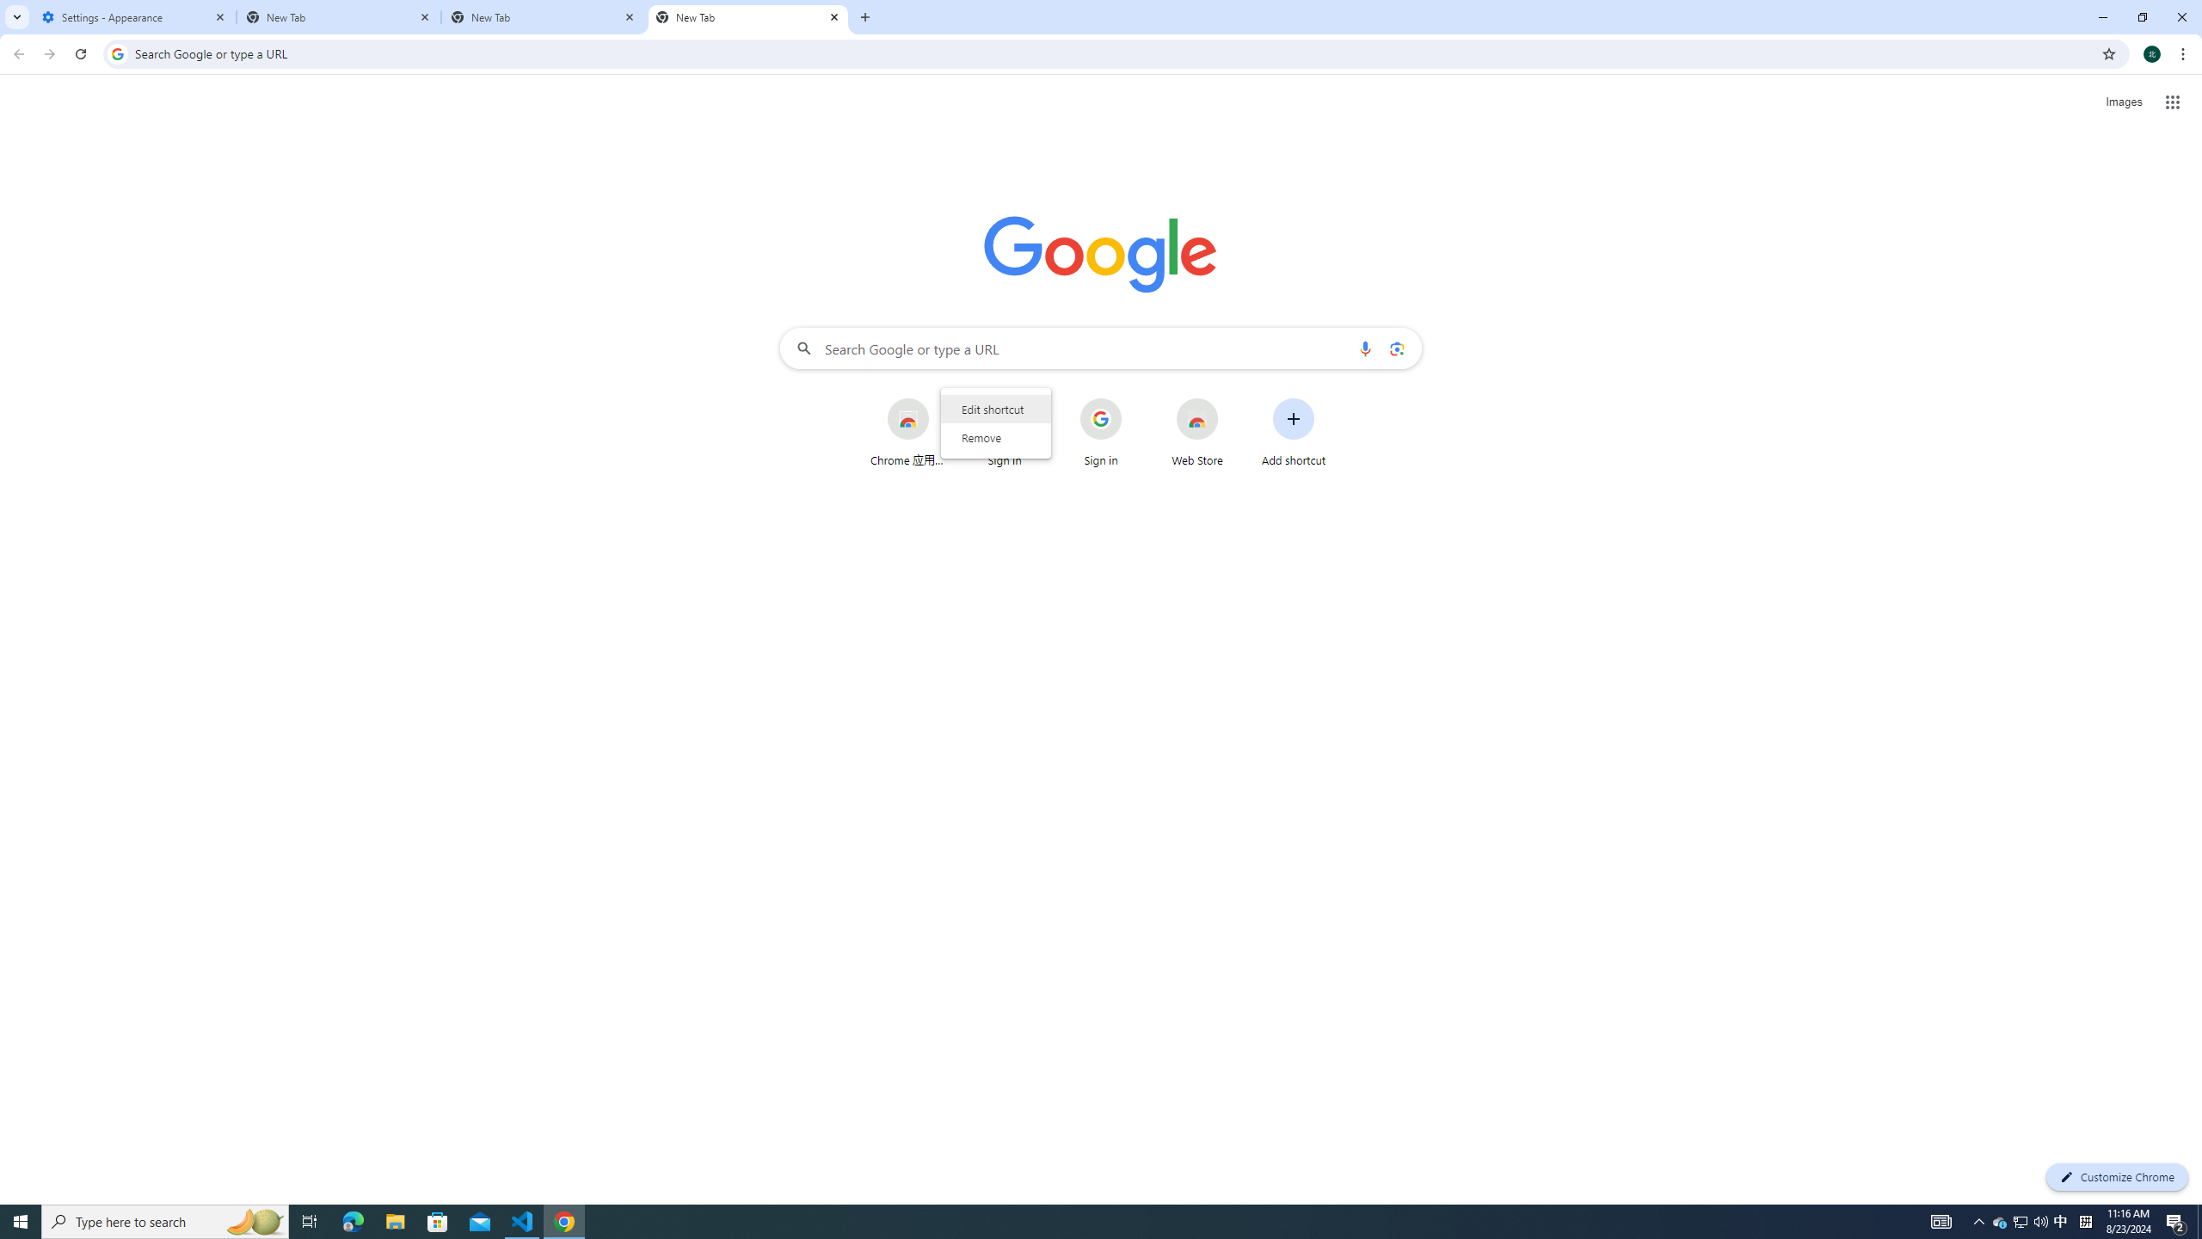 The image size is (2202, 1239). What do you see at coordinates (747, 16) in the screenshot?
I see `'New Tab'` at bounding box center [747, 16].